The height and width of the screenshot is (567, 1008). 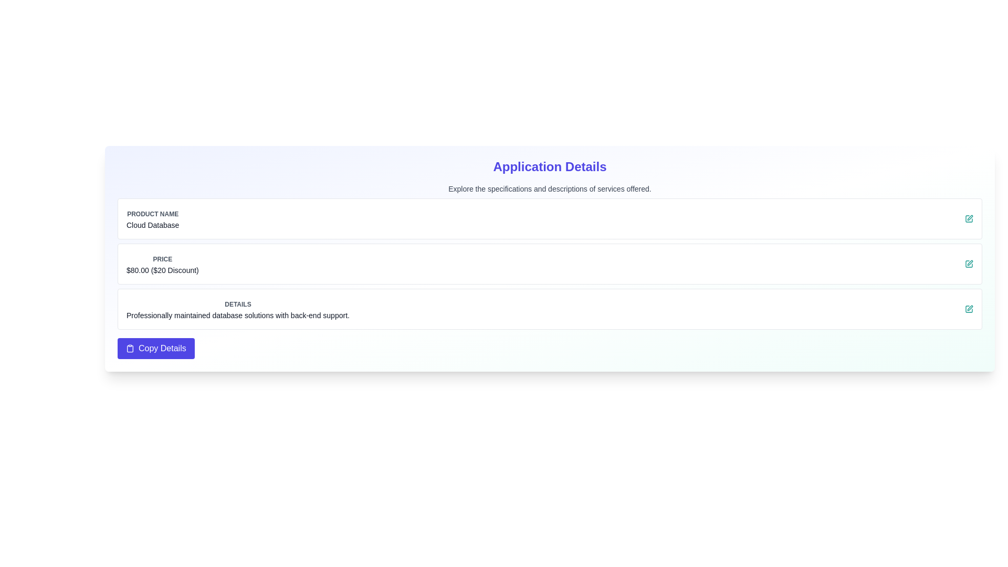 What do you see at coordinates (970, 217) in the screenshot?
I see `the Icon button styled as an SVG graphic, which resembles a pen or edit symbol, located next to the details section of the interface` at bounding box center [970, 217].